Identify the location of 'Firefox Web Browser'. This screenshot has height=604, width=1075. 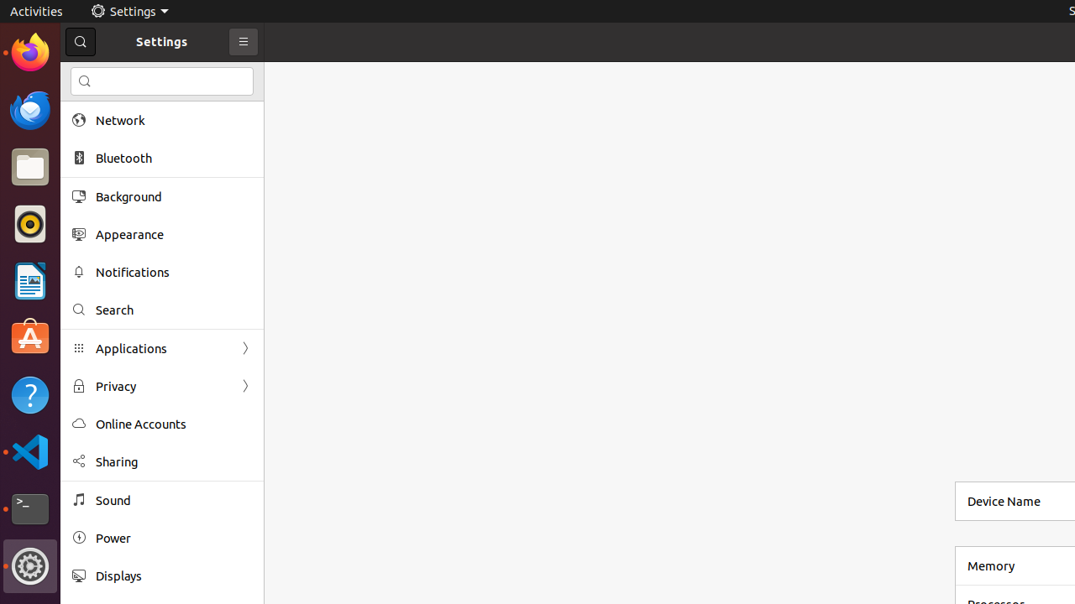
(29, 51).